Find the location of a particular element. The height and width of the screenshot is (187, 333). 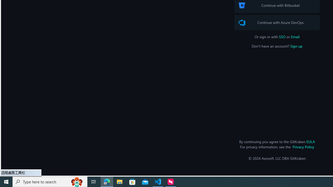

'Azure DevOps Logo Continue with Azure DevOps' is located at coordinates (277, 22).